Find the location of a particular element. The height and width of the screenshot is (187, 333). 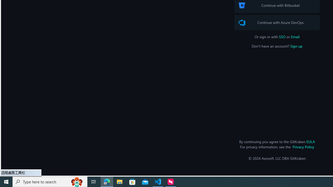

'Azure DevOps Logo Continue with Azure DevOps' is located at coordinates (277, 22).